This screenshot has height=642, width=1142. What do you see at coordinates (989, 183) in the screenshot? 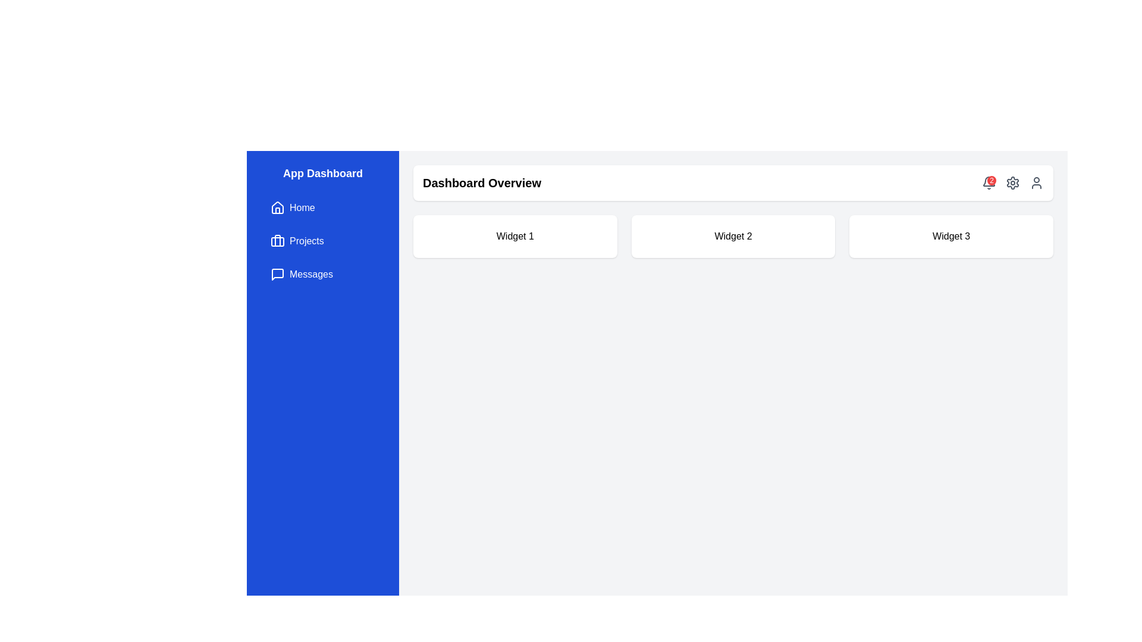
I see `the notification bell icon with a red circular badge containing the number '2'` at bounding box center [989, 183].